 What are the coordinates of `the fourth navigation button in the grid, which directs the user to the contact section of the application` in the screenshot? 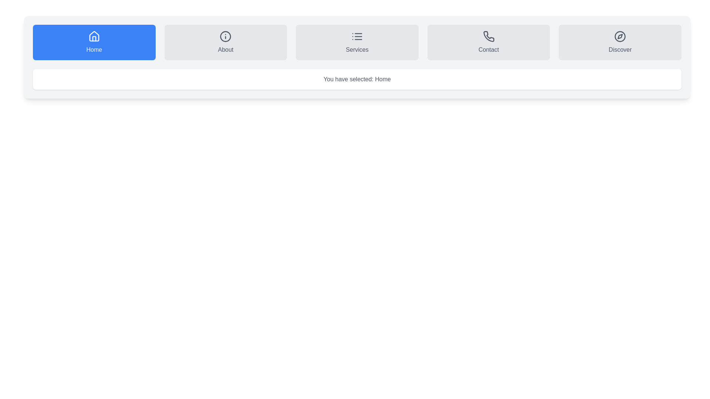 It's located at (488, 42).